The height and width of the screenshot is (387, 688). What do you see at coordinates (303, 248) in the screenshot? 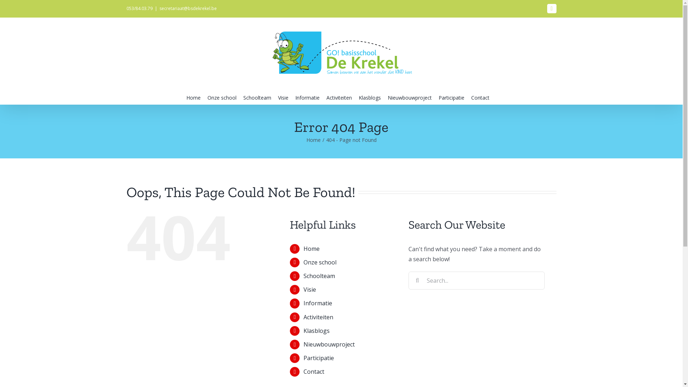
I see `'Home'` at bounding box center [303, 248].